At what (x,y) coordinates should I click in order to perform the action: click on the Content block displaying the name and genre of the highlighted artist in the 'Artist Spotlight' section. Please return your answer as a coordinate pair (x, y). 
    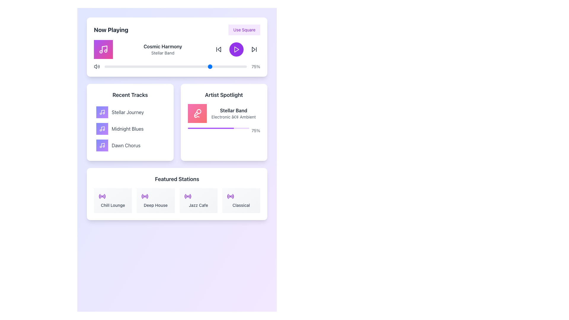
    Looking at the image, I should click on (223, 113).